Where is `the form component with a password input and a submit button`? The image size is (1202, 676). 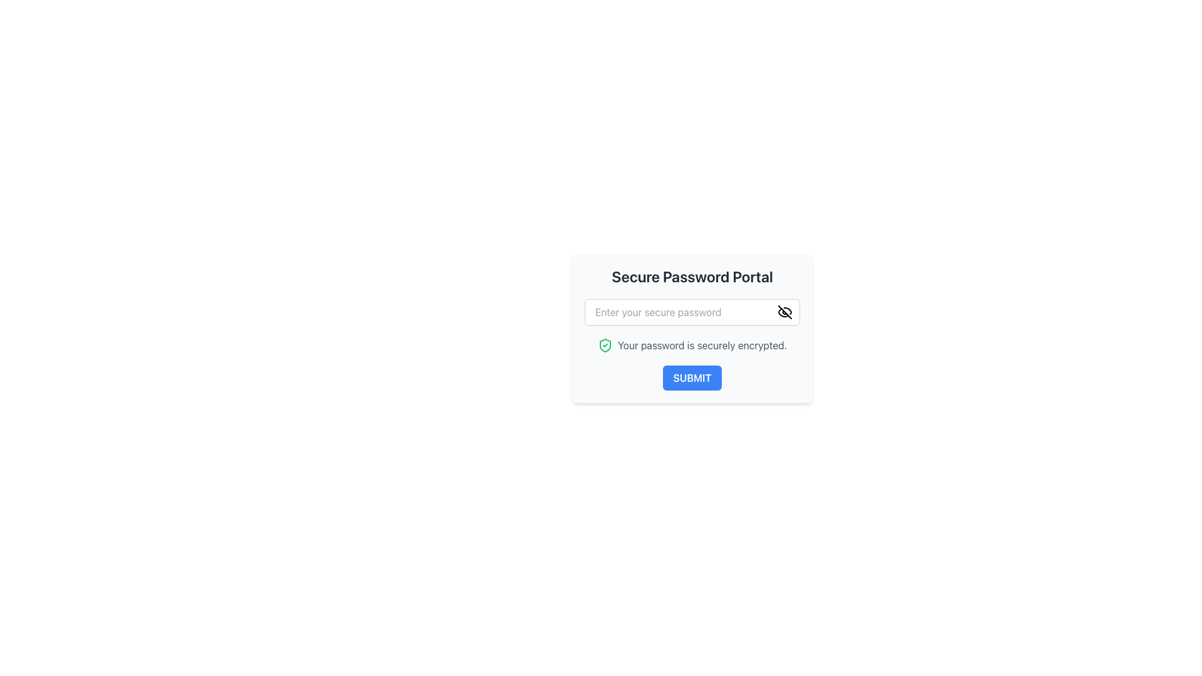 the form component with a password input and a submit button is located at coordinates (691, 327).